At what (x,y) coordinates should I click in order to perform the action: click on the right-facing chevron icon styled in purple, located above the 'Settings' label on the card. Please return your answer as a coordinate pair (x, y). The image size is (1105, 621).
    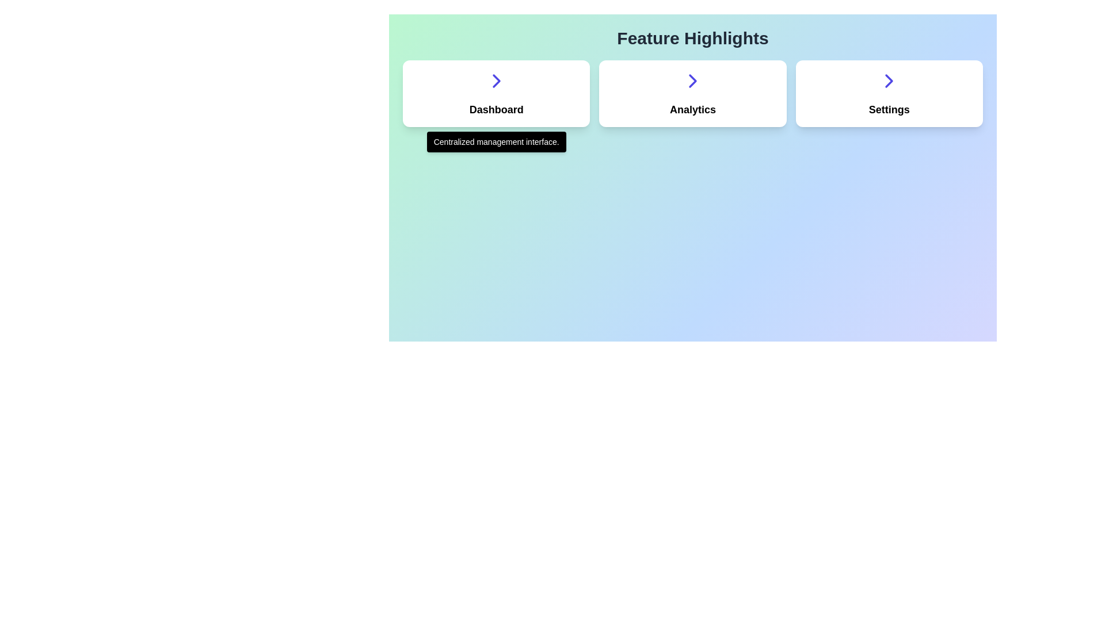
    Looking at the image, I should click on (889, 80).